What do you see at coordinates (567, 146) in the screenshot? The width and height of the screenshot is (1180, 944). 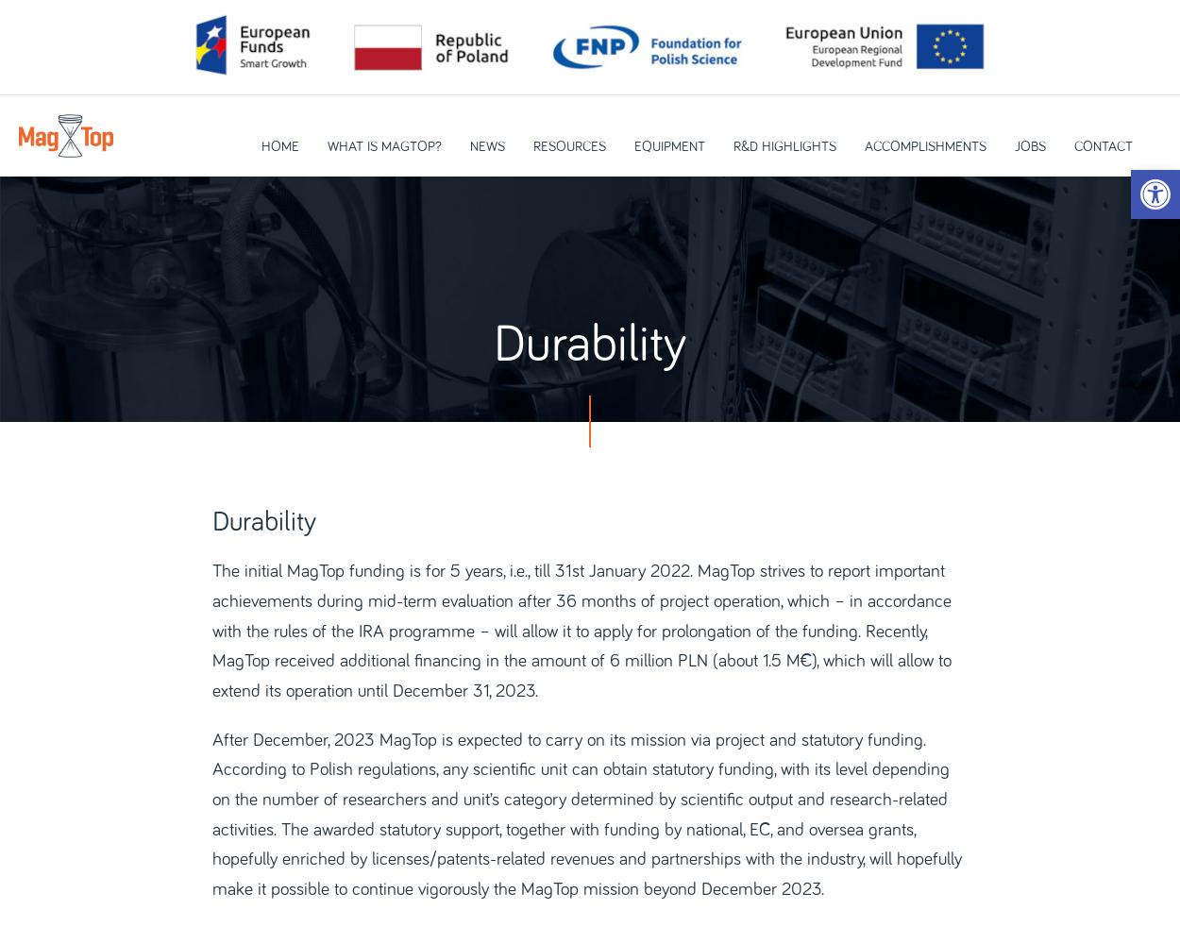 I see `'Resources'` at bounding box center [567, 146].